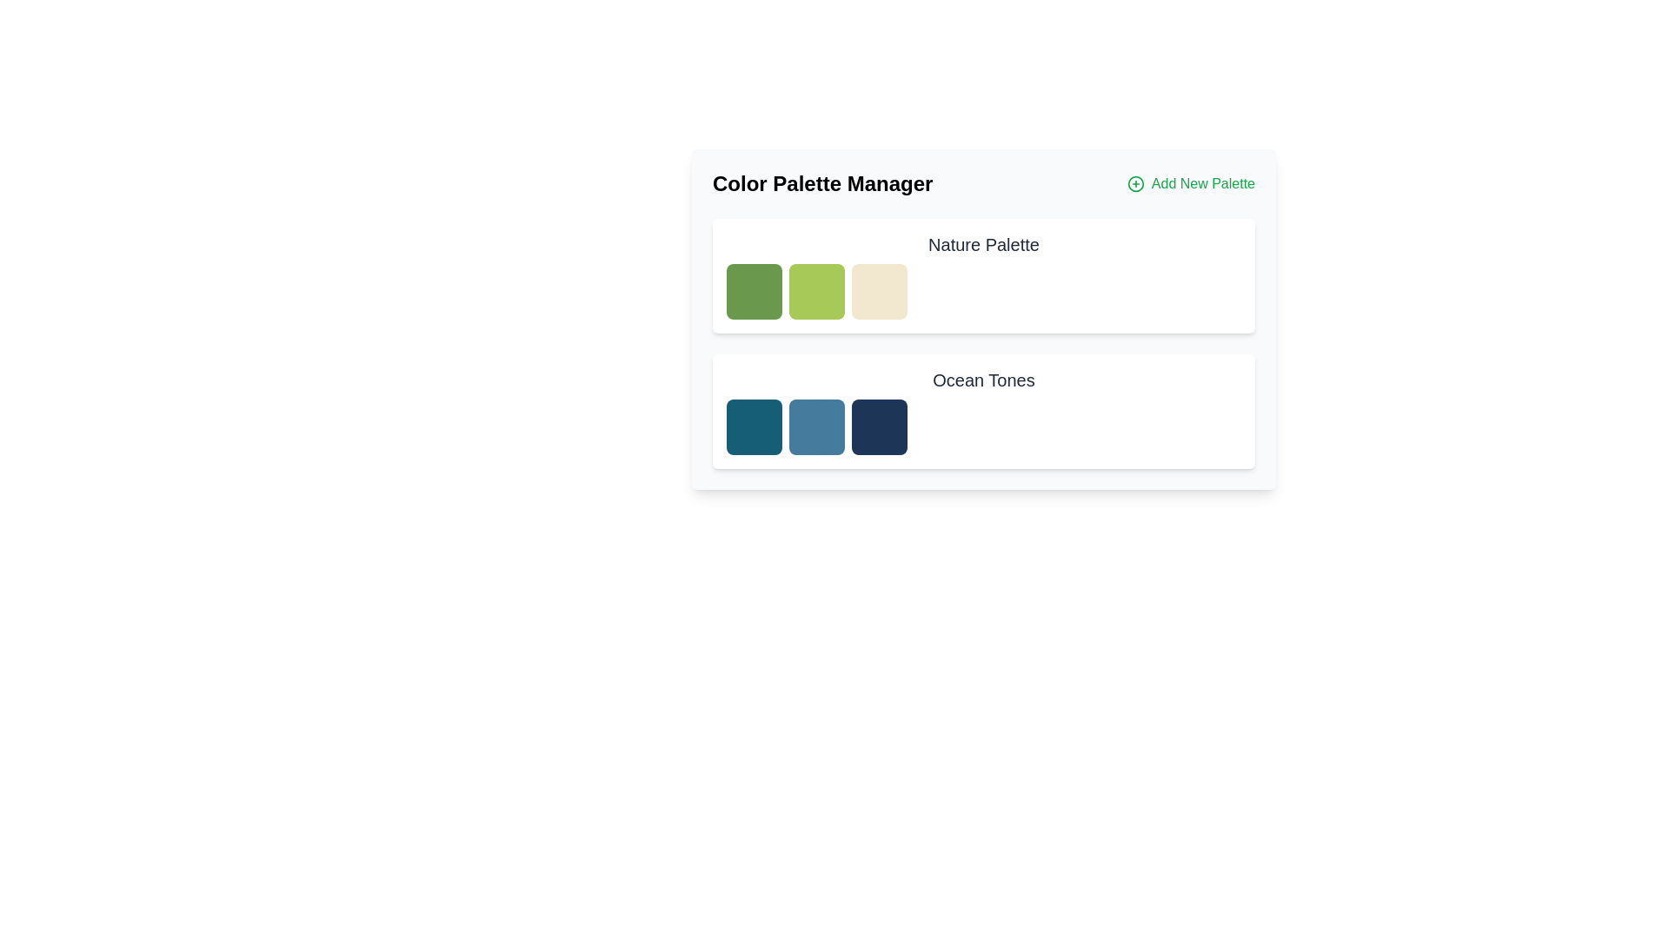  What do you see at coordinates (755, 427) in the screenshot?
I see `the first teal color swatch element under the 'Ocean Tones' section` at bounding box center [755, 427].